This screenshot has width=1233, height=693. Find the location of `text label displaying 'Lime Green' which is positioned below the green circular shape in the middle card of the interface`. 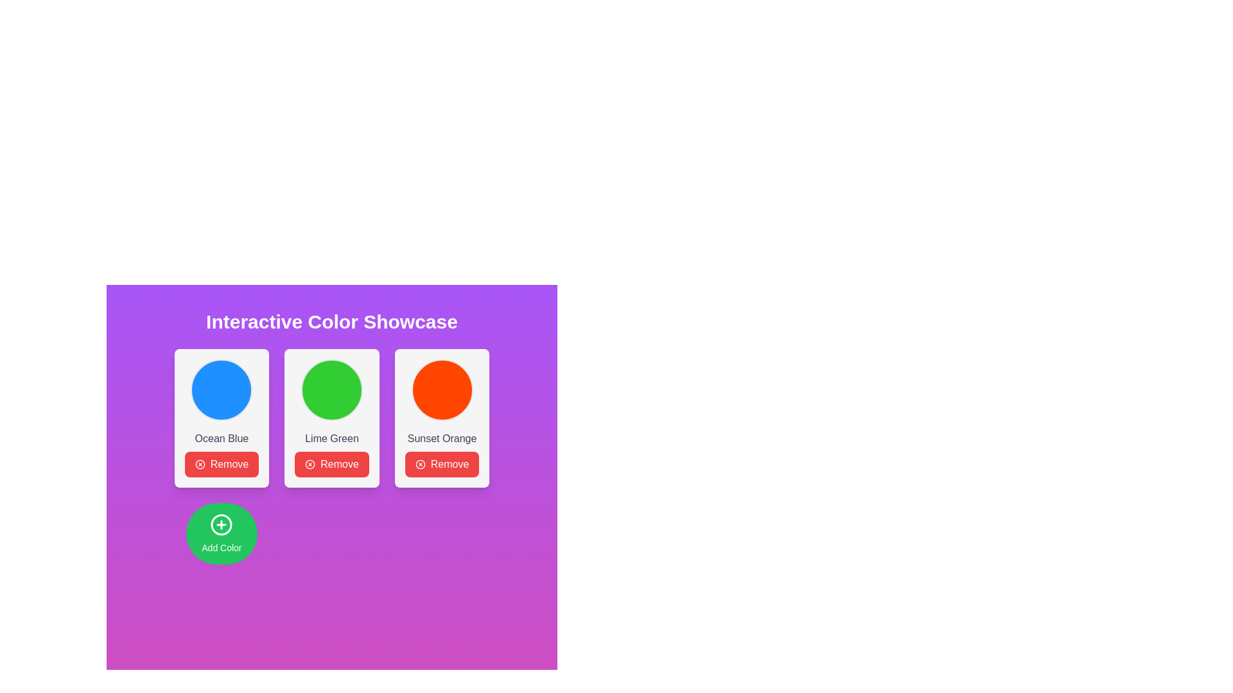

text label displaying 'Lime Green' which is positioned below the green circular shape in the middle card of the interface is located at coordinates (332, 438).